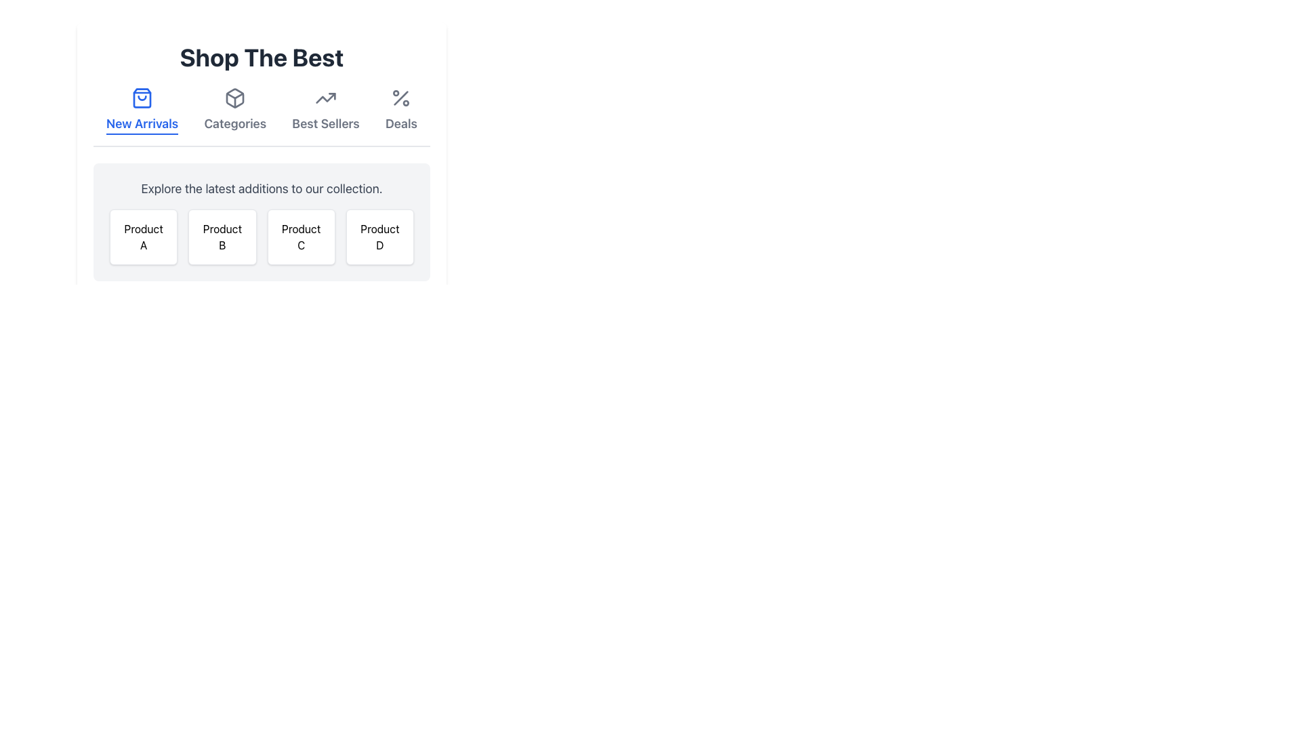  Describe the element at coordinates (262, 221) in the screenshot. I see `an individual product card within the product display area` at that location.